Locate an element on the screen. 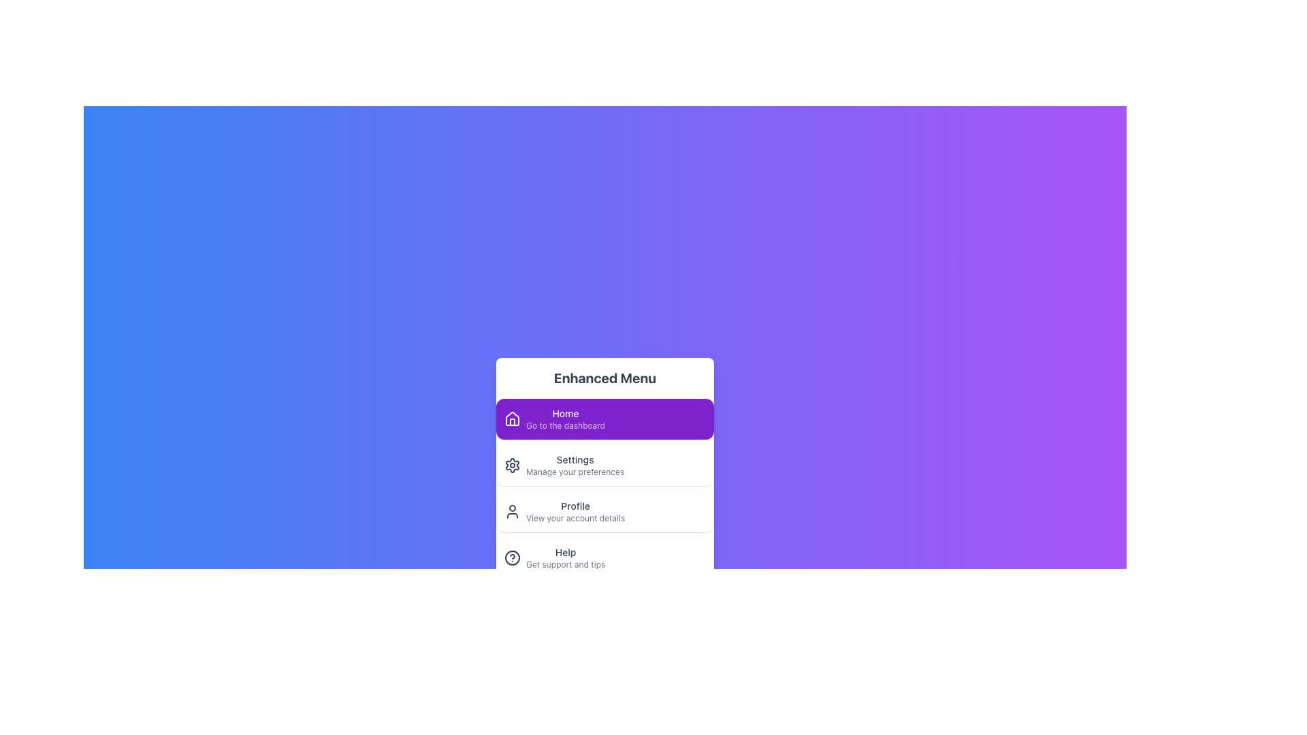 This screenshot has width=1307, height=735. the help or support icon shape, which visually represents the help feature in the menu list is located at coordinates (512, 558).